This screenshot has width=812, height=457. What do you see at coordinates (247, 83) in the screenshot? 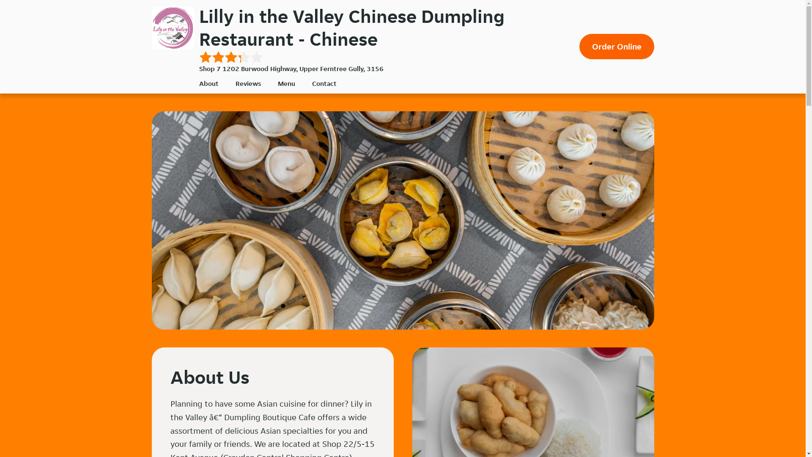
I see `'Reviews'` at bounding box center [247, 83].